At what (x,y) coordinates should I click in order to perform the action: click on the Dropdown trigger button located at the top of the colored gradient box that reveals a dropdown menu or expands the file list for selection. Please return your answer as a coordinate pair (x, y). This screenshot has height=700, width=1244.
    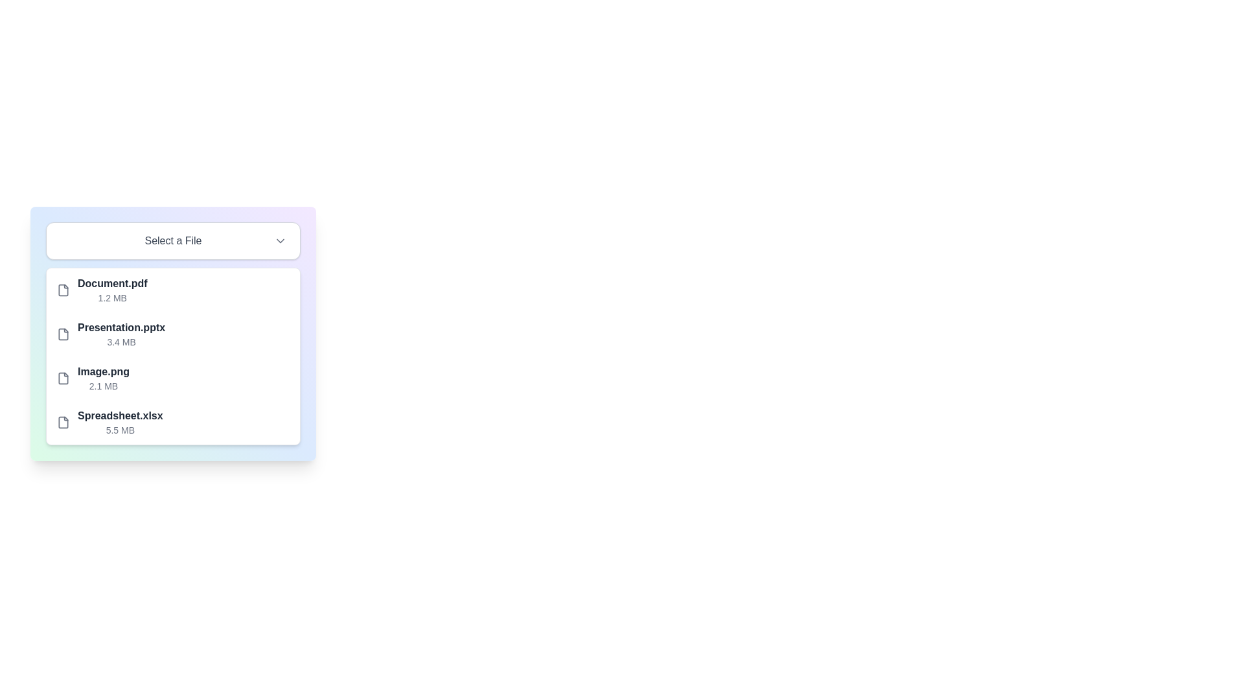
    Looking at the image, I should click on (172, 240).